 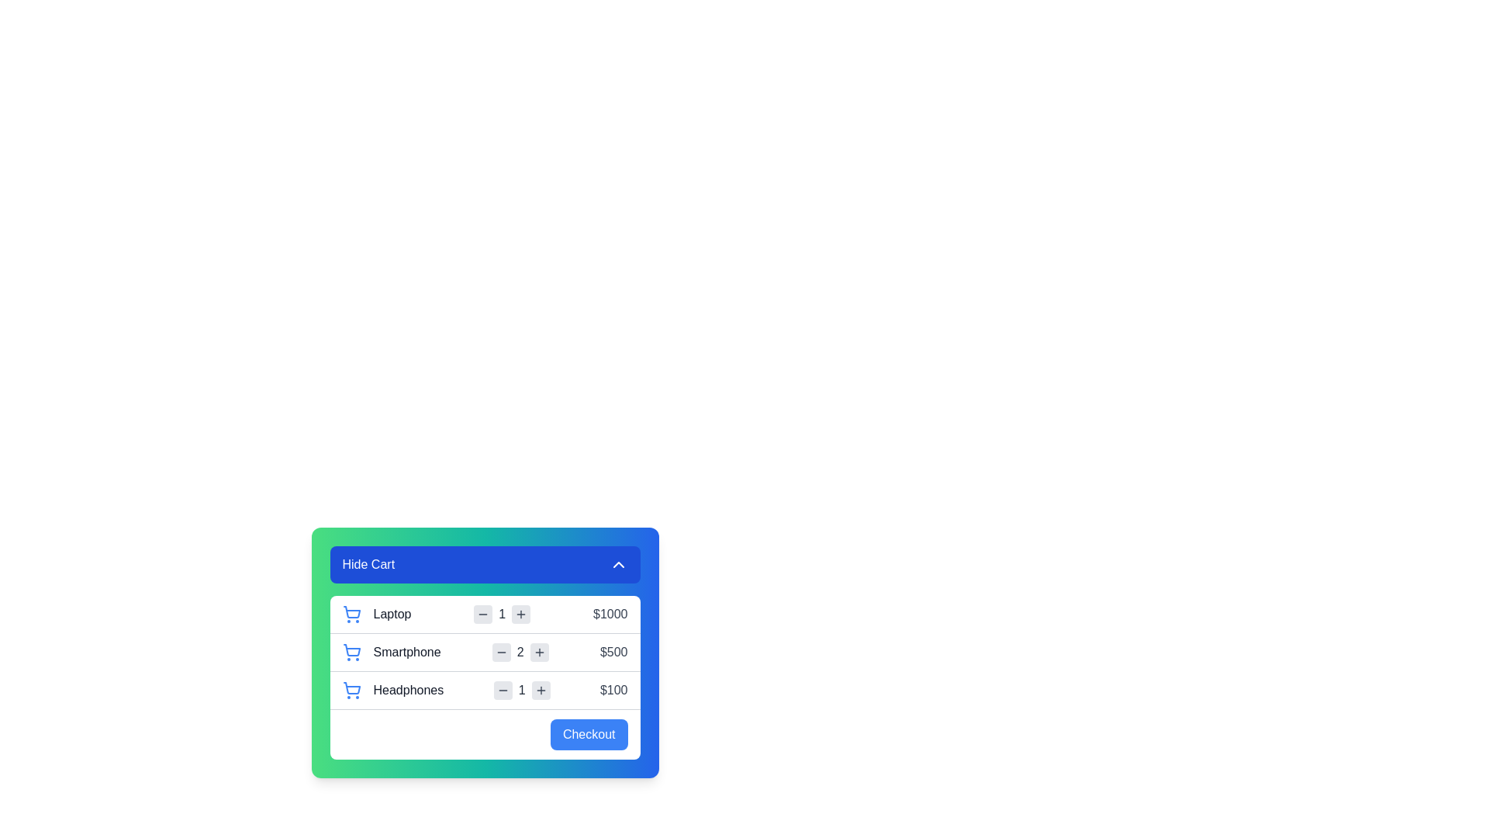 I want to click on the collapse button located at the top center of the card-like component to toggle the visibility of the cart details for accessibility, so click(x=484, y=565).